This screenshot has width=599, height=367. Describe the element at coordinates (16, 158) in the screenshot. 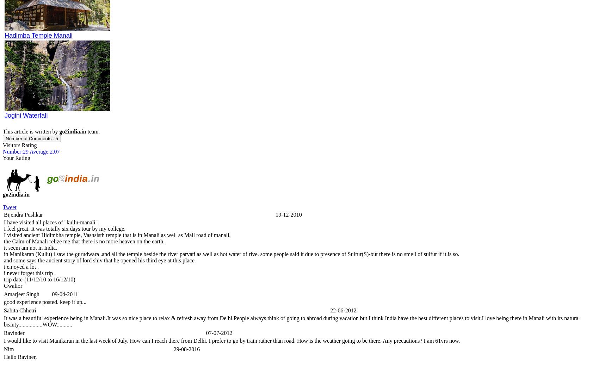

I see `'Your Rating'` at that location.